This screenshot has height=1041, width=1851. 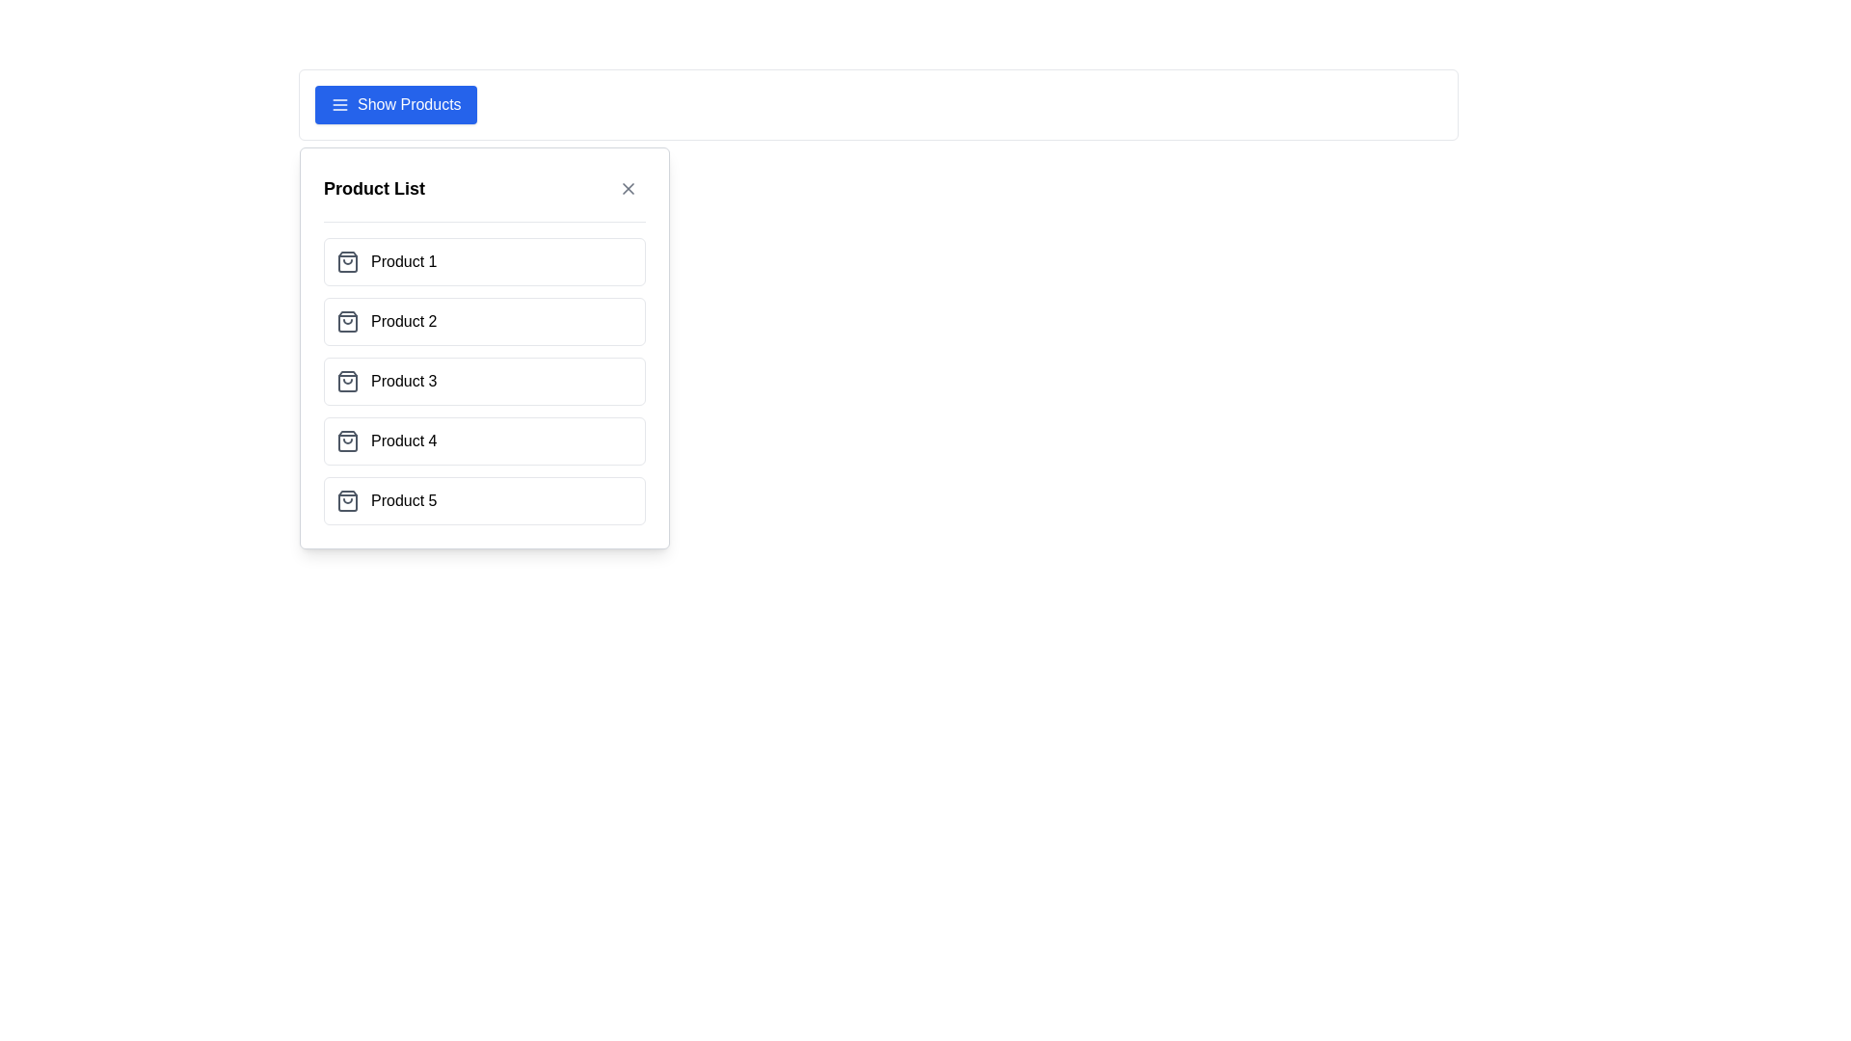 What do you see at coordinates (485, 441) in the screenshot?
I see `the fourth list item labeled 'Product 4'` at bounding box center [485, 441].